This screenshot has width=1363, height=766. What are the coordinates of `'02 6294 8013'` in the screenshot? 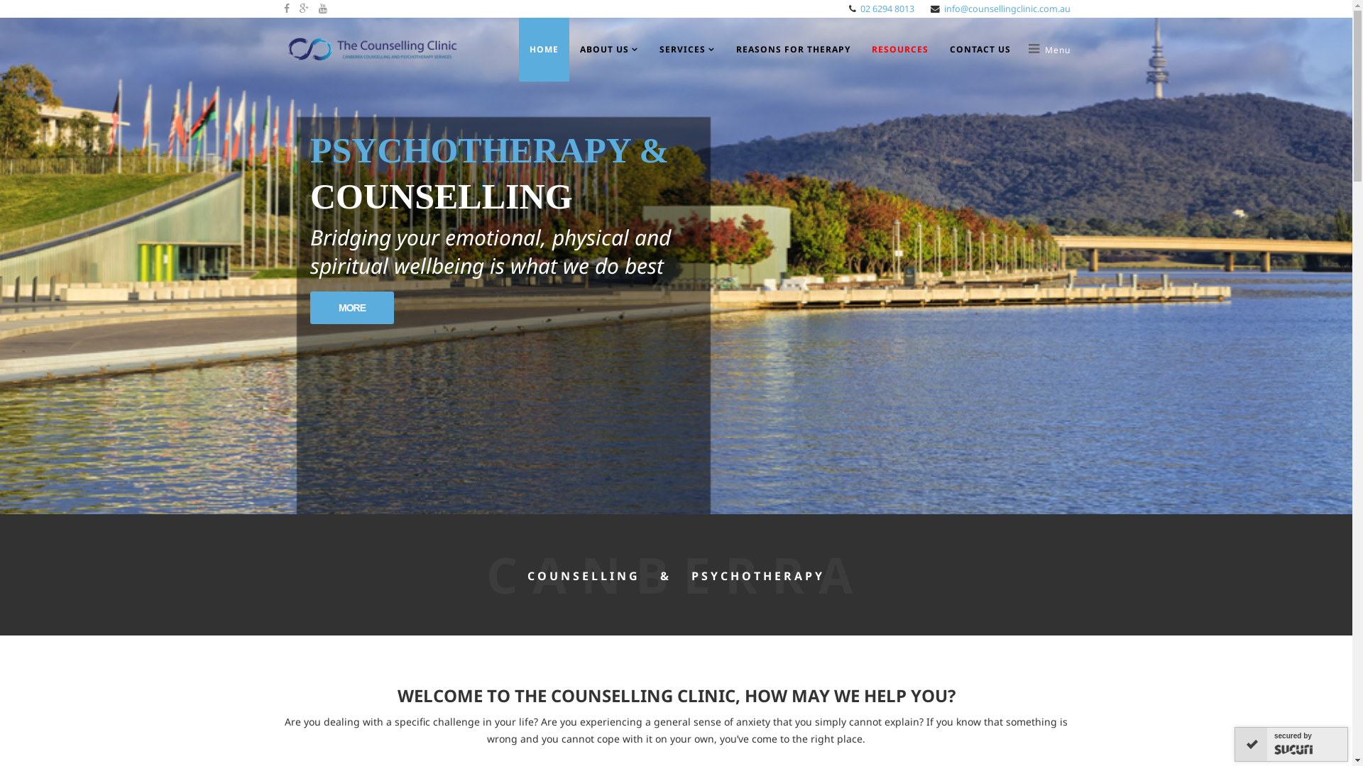 It's located at (886, 9).